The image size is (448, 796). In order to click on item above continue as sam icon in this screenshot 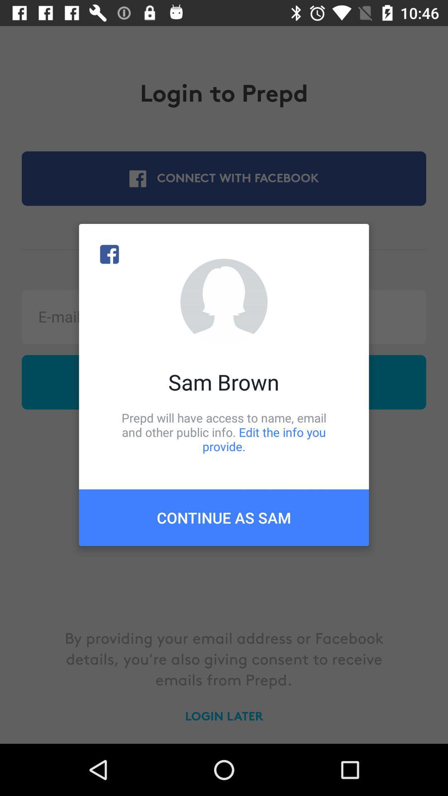, I will do `click(224, 432)`.